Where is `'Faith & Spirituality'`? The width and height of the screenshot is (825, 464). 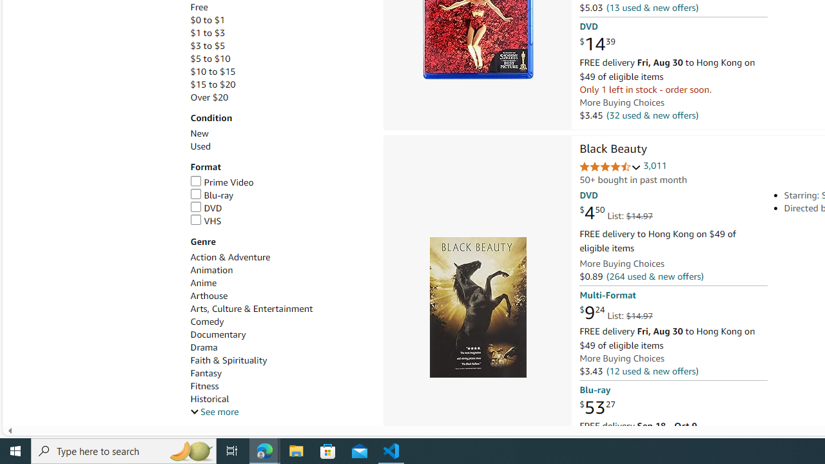
'Faith & Spirituality' is located at coordinates (279, 360).